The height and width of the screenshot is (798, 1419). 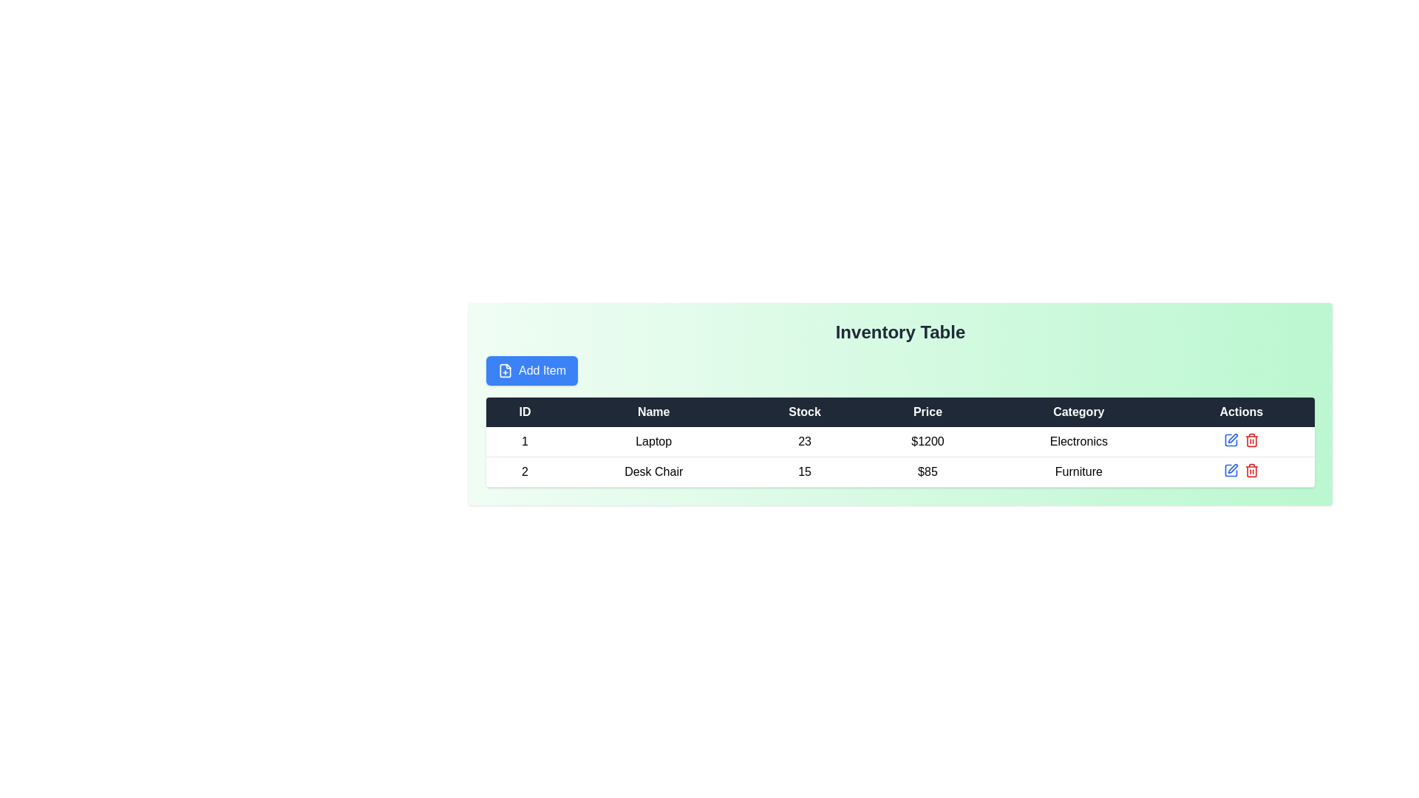 I want to click on the blue pen icon button in the 'Actions' column of the first row of the data table, so click(x=1231, y=440).